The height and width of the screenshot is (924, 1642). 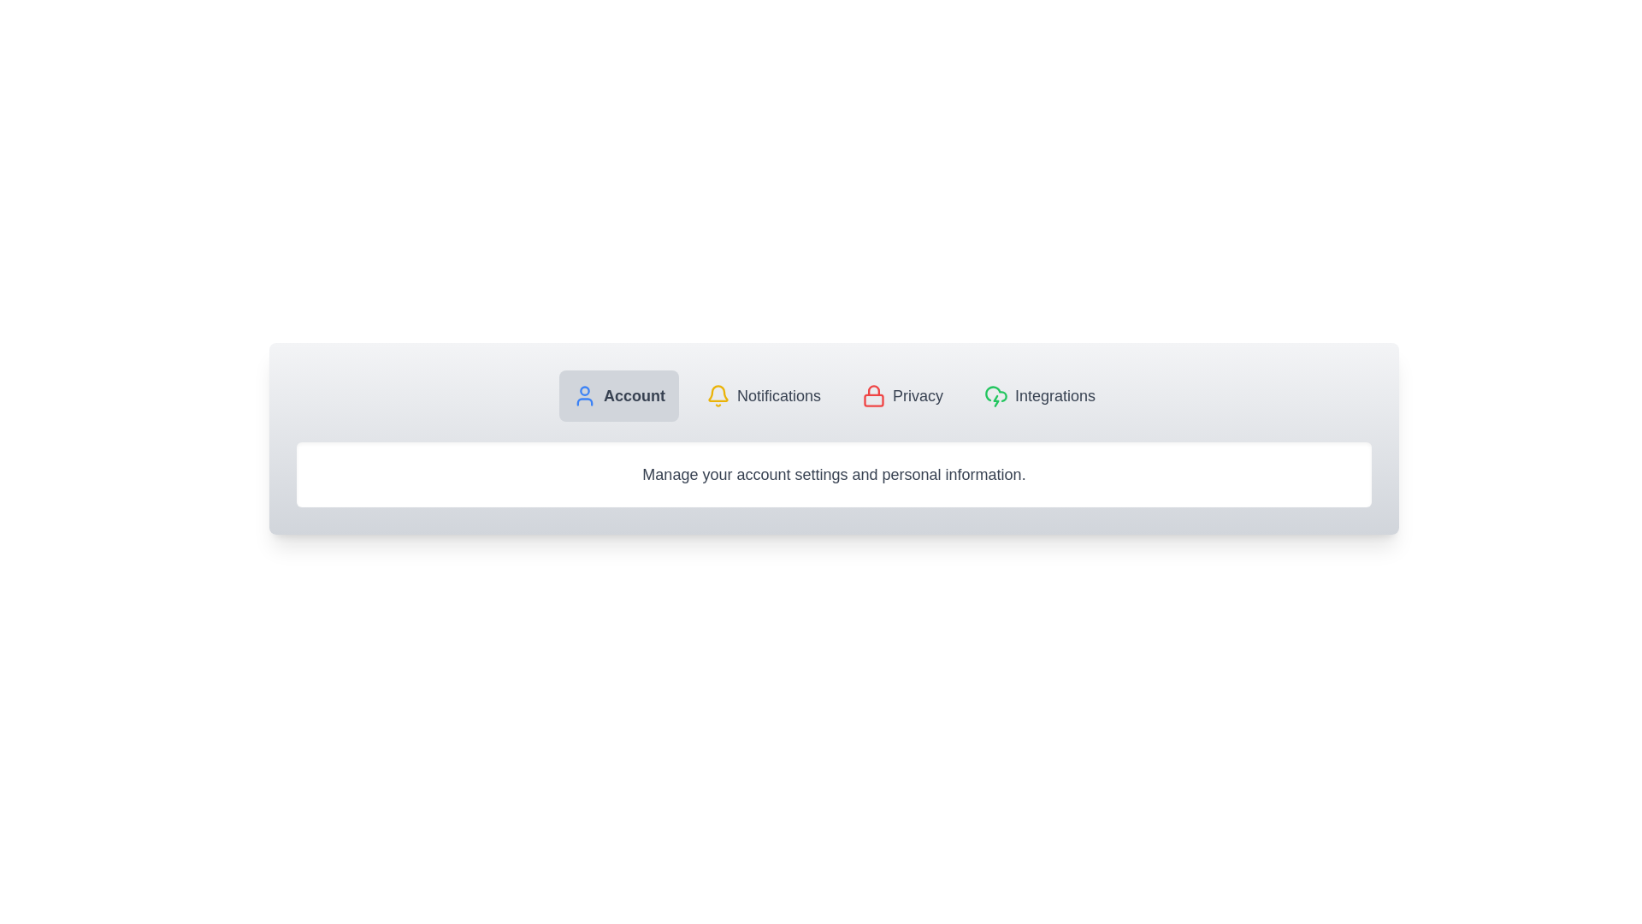 I want to click on the cloud icon with a green outline located in the 'Integrations' section of the interface, positioned at the rightmost side of the row of sections, so click(x=996, y=394).